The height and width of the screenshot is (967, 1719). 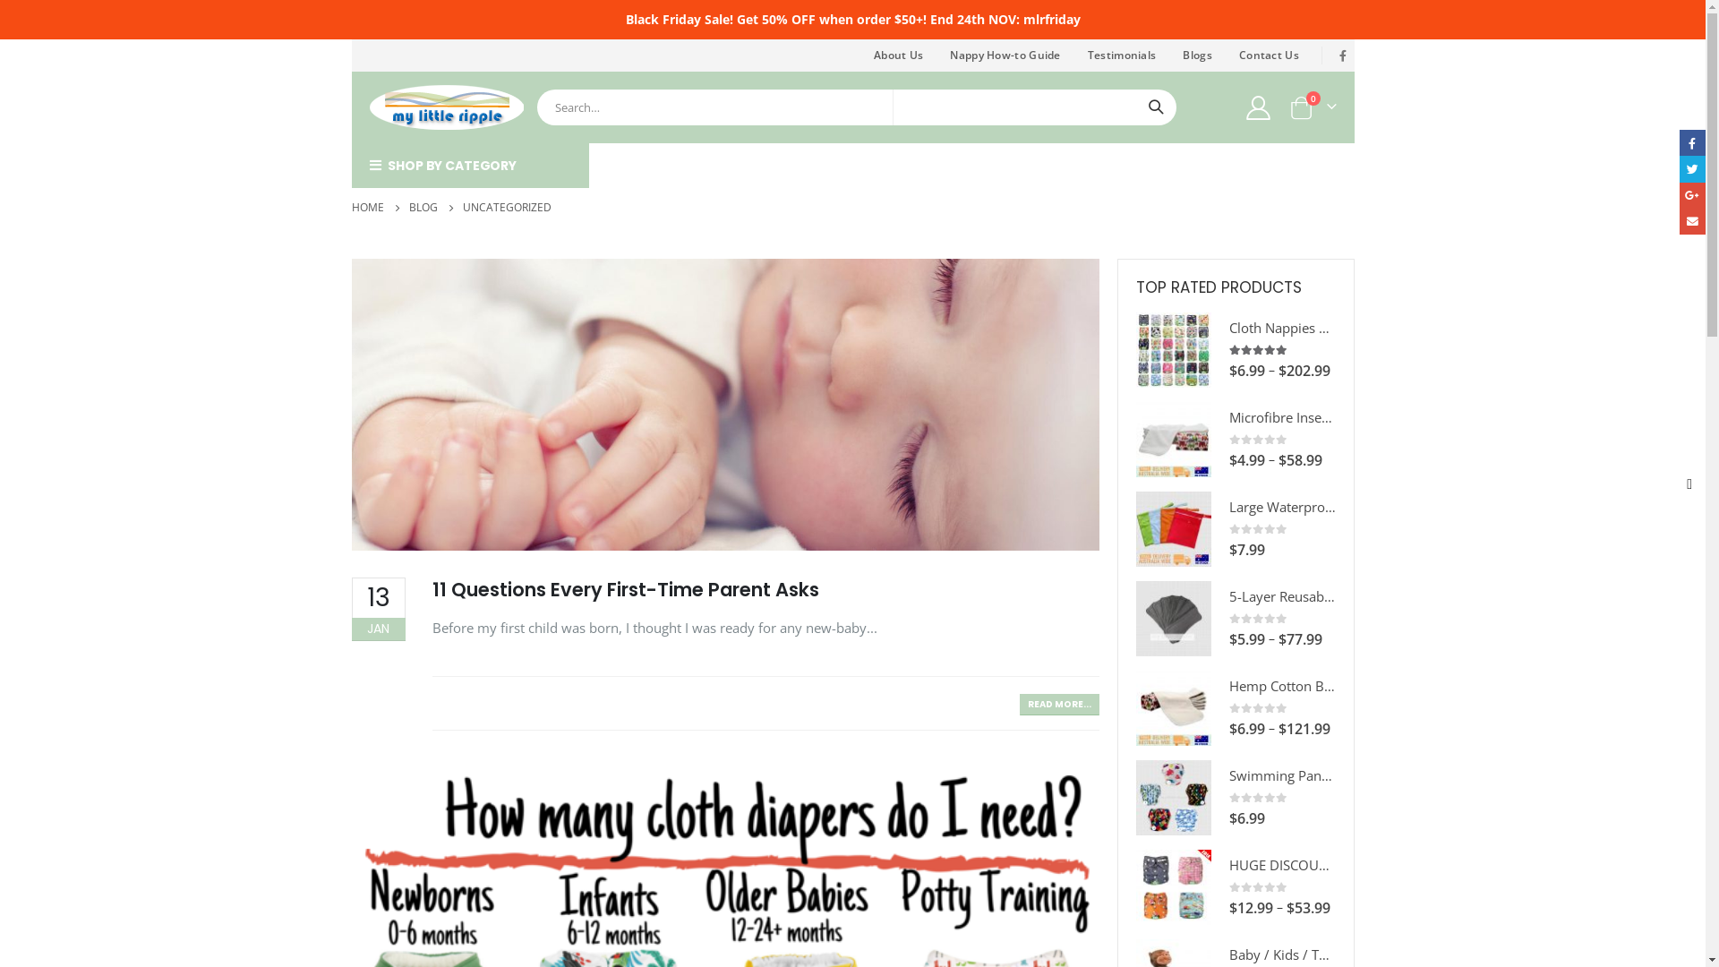 What do you see at coordinates (1691, 195) in the screenshot?
I see `'Google +'` at bounding box center [1691, 195].